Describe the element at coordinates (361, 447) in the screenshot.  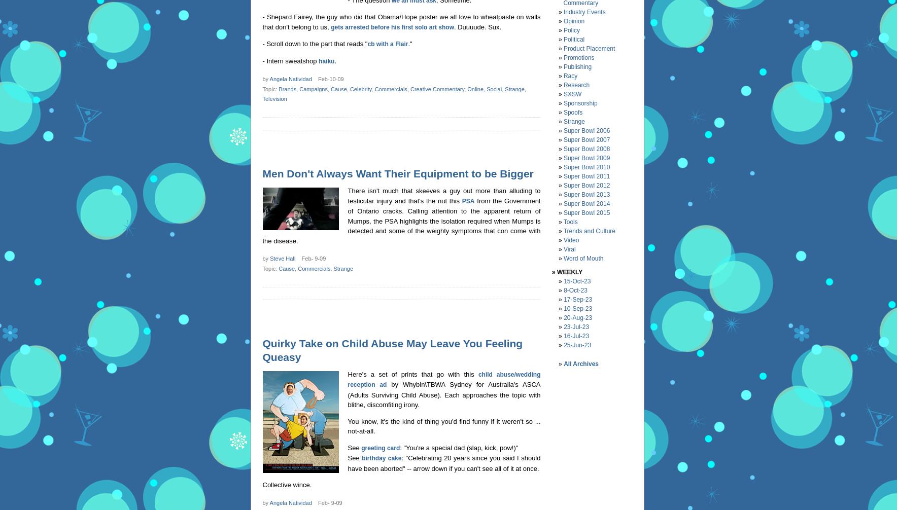
I see `'greeting card'` at that location.